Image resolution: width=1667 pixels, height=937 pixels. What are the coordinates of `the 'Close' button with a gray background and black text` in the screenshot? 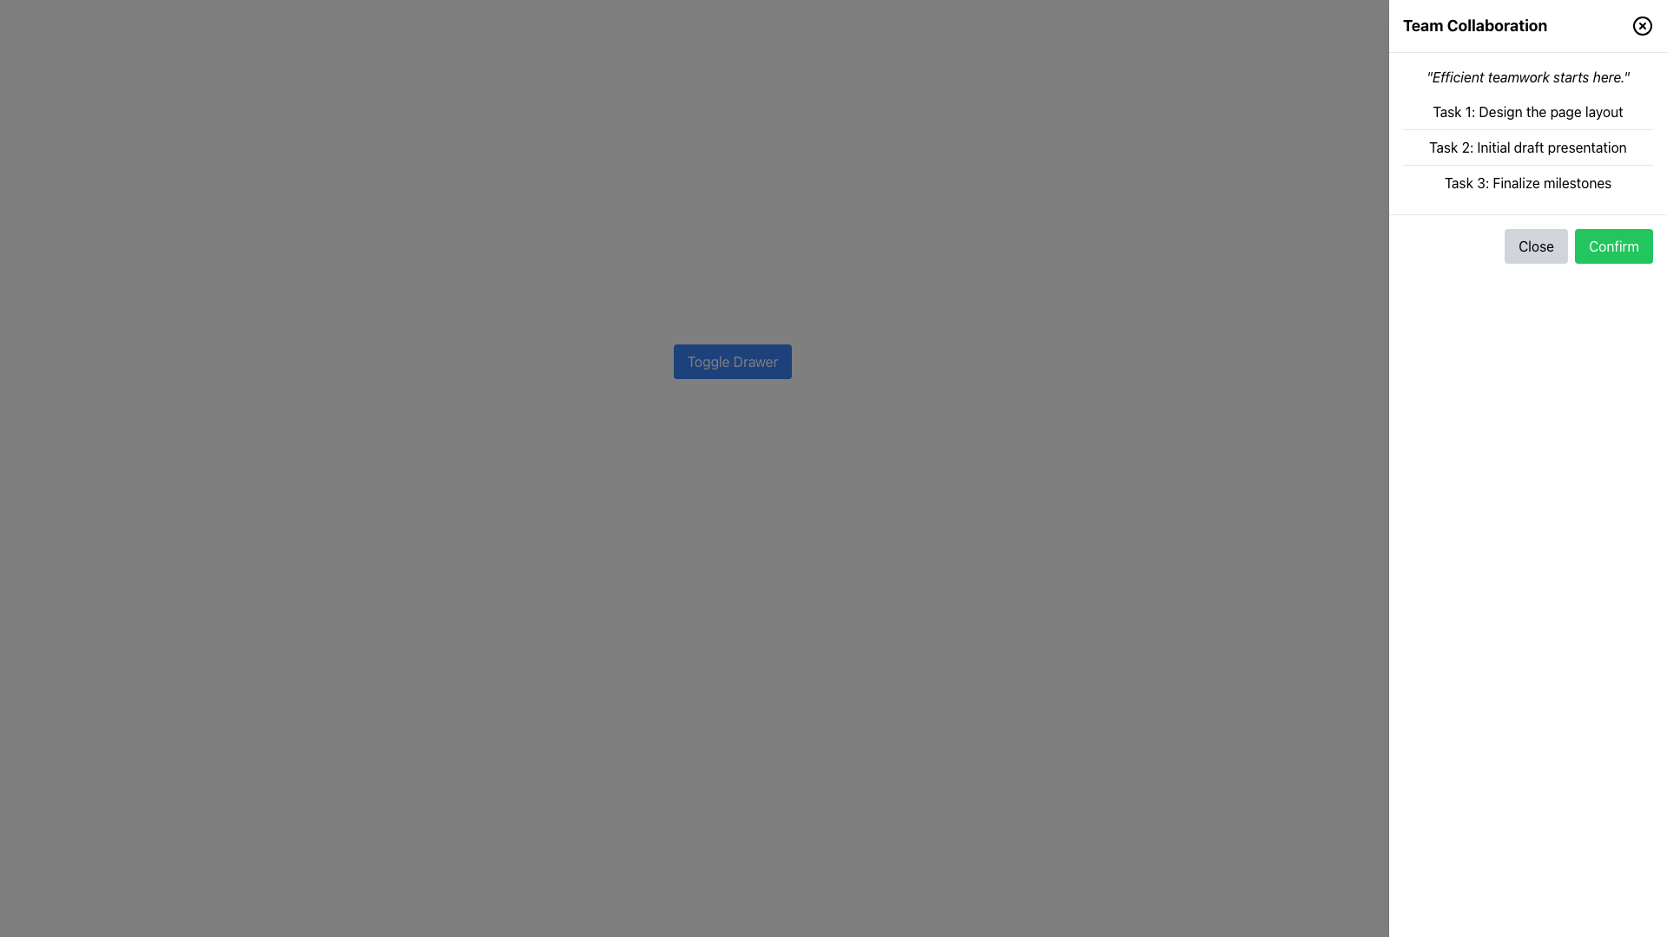 It's located at (1536, 246).